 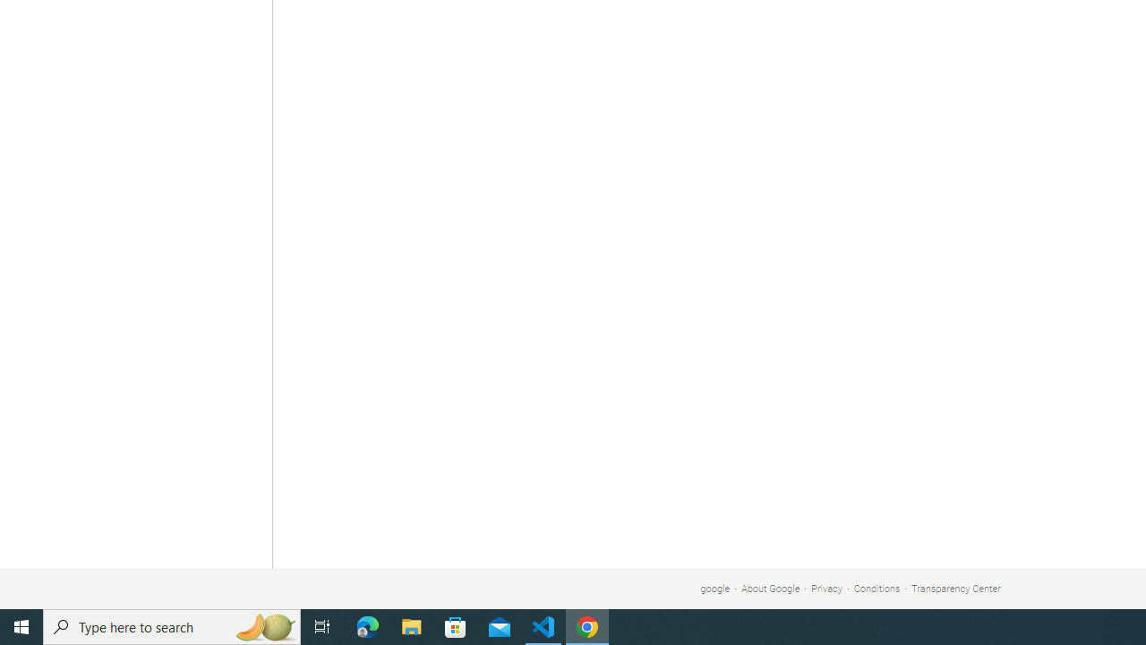 What do you see at coordinates (954, 589) in the screenshot?
I see `'Transparency Center'` at bounding box center [954, 589].